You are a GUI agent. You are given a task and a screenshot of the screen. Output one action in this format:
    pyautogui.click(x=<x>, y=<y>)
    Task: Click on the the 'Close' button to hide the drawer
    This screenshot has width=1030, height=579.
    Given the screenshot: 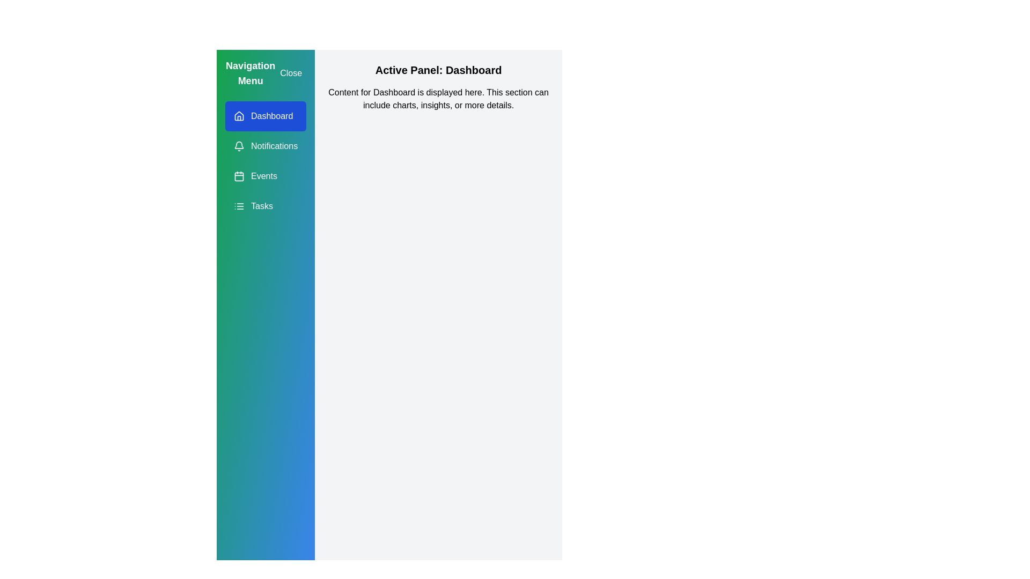 What is the action you would take?
    pyautogui.click(x=291, y=73)
    